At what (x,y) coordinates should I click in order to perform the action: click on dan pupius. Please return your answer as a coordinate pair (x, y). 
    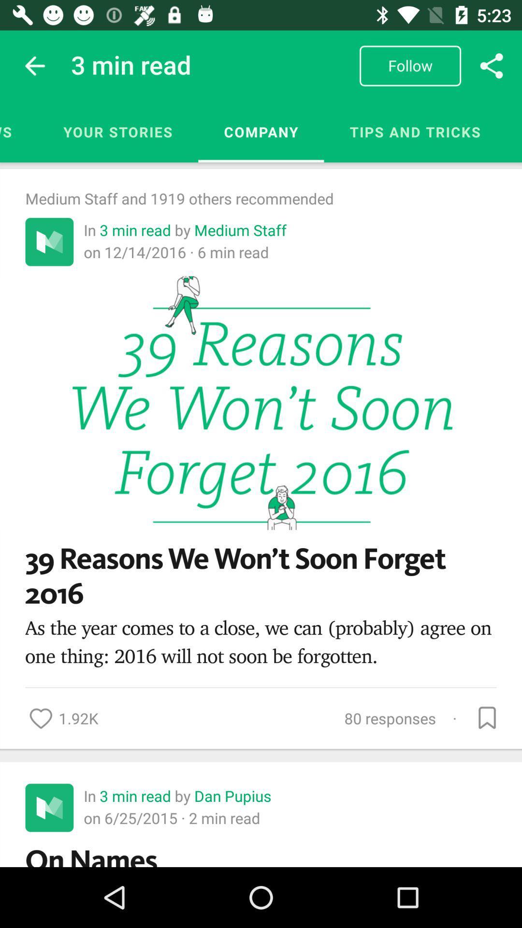
    Looking at the image, I should click on (233, 796).